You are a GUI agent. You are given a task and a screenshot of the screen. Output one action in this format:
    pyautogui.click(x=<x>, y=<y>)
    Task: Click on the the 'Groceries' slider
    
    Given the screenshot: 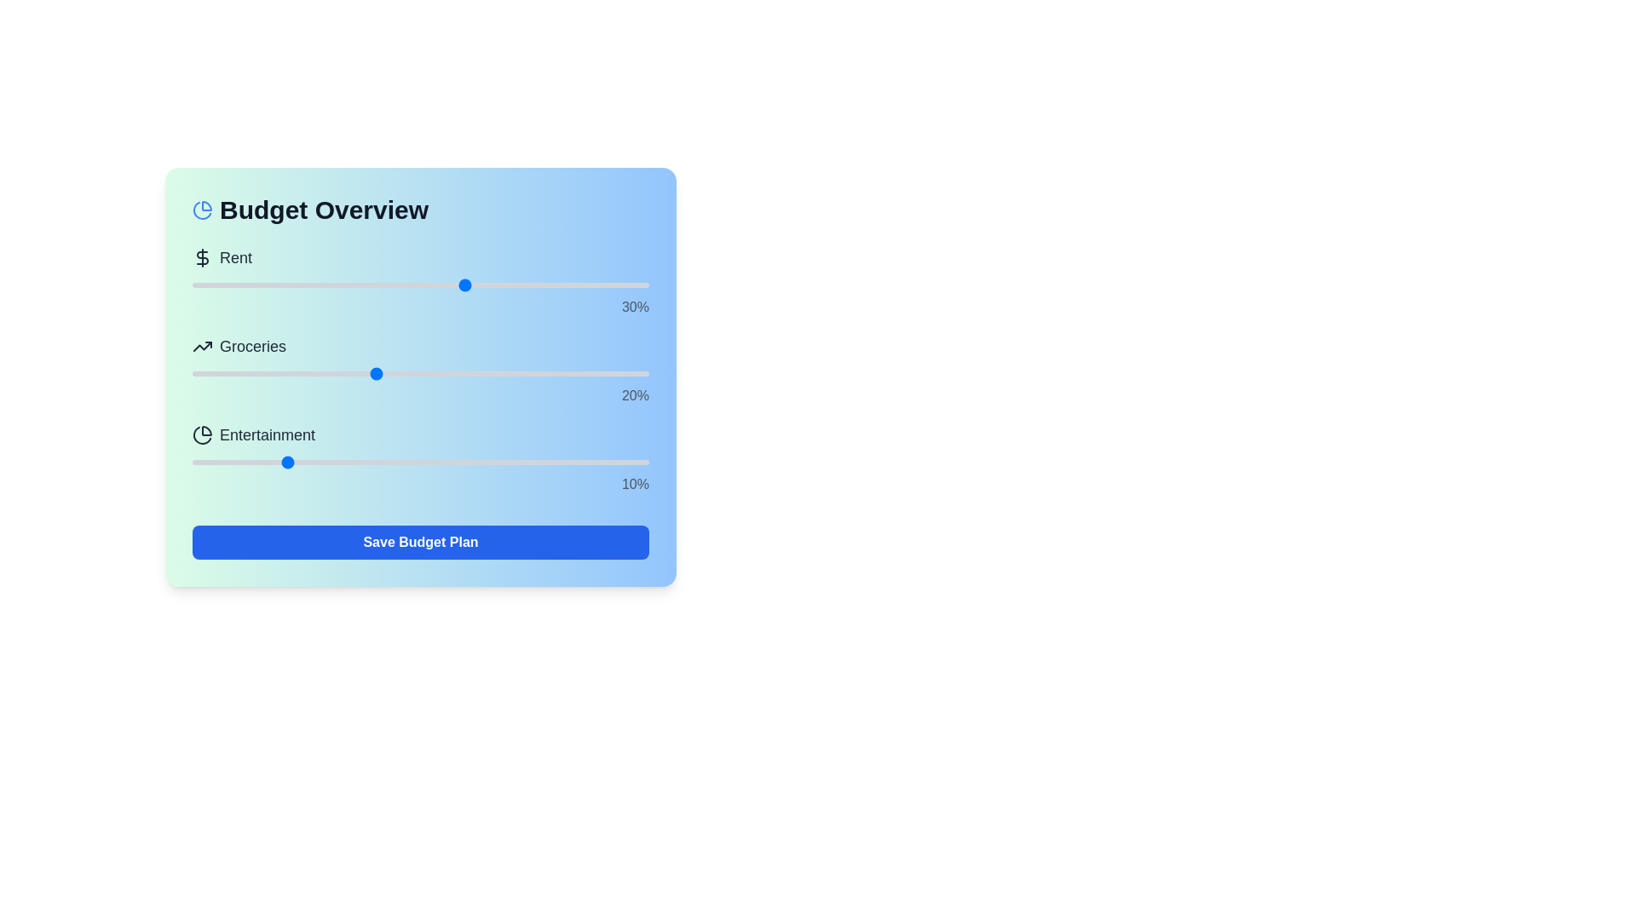 What is the action you would take?
    pyautogui.click(x=439, y=373)
    